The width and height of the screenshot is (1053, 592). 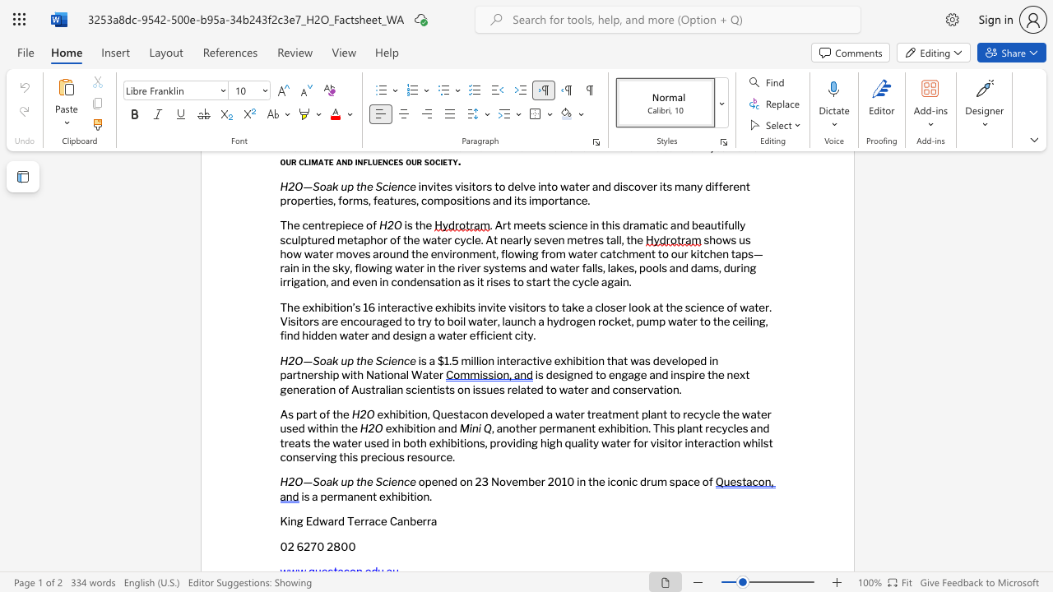 What do you see at coordinates (391, 359) in the screenshot?
I see `the space between the continuous character "i" and "e" in the text` at bounding box center [391, 359].